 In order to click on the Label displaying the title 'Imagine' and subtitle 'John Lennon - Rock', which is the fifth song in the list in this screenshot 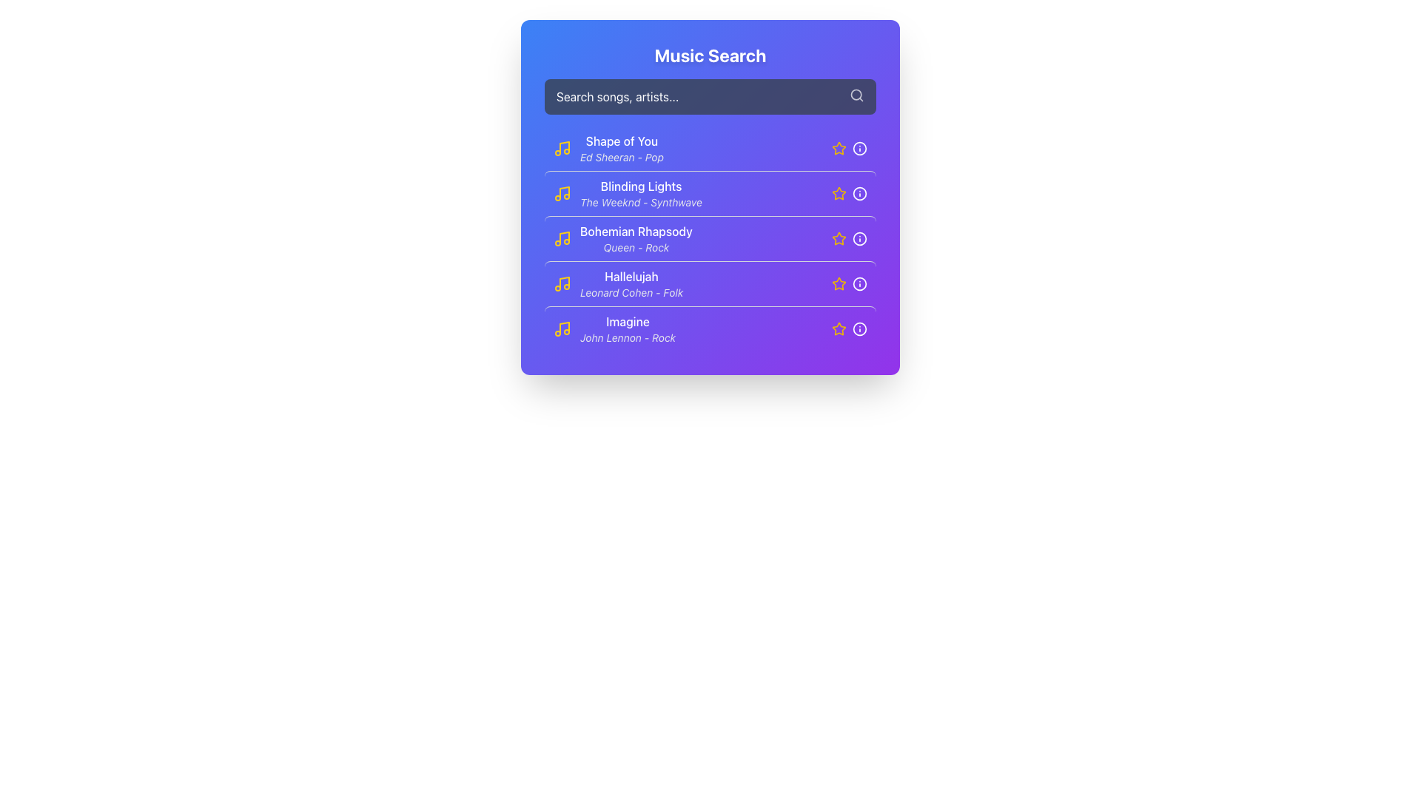, I will do `click(628, 328)`.